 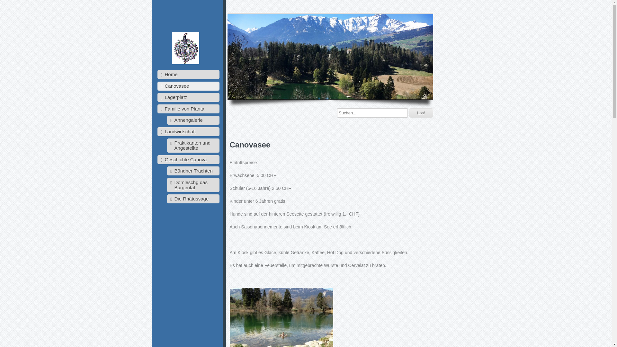 What do you see at coordinates (167, 145) in the screenshot?
I see `'Praktikanten und Angestellte'` at bounding box center [167, 145].